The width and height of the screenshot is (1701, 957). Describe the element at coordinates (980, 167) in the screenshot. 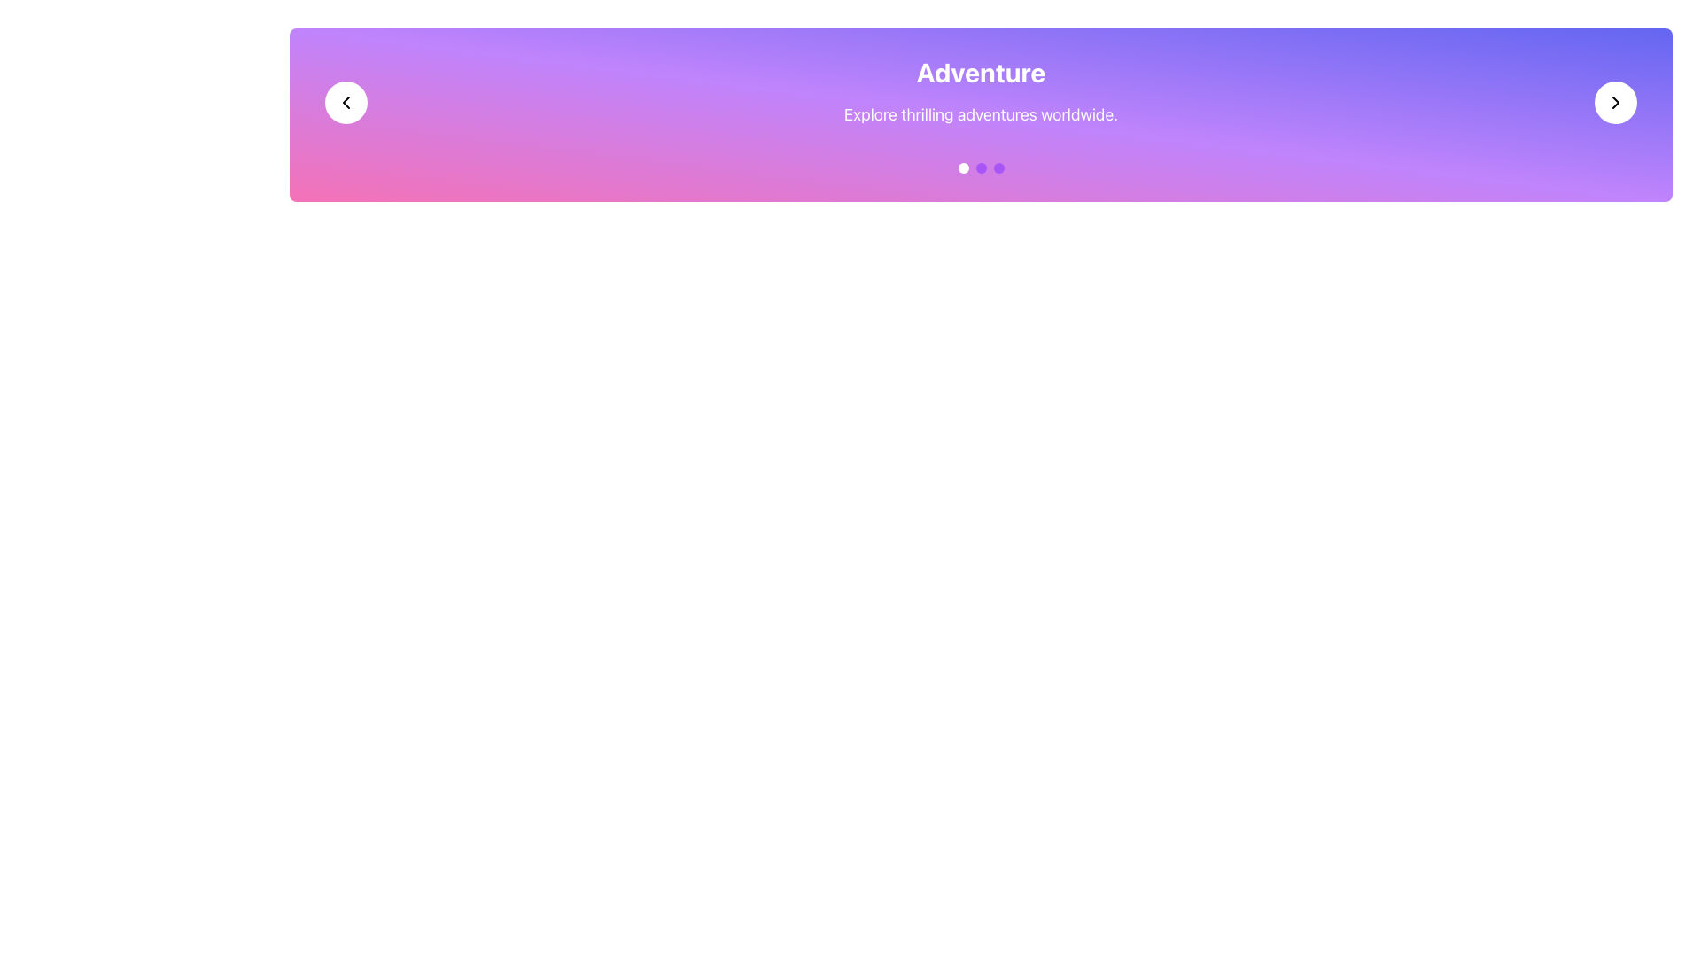

I see `the second indicator button below the 'Adventure' header` at that location.